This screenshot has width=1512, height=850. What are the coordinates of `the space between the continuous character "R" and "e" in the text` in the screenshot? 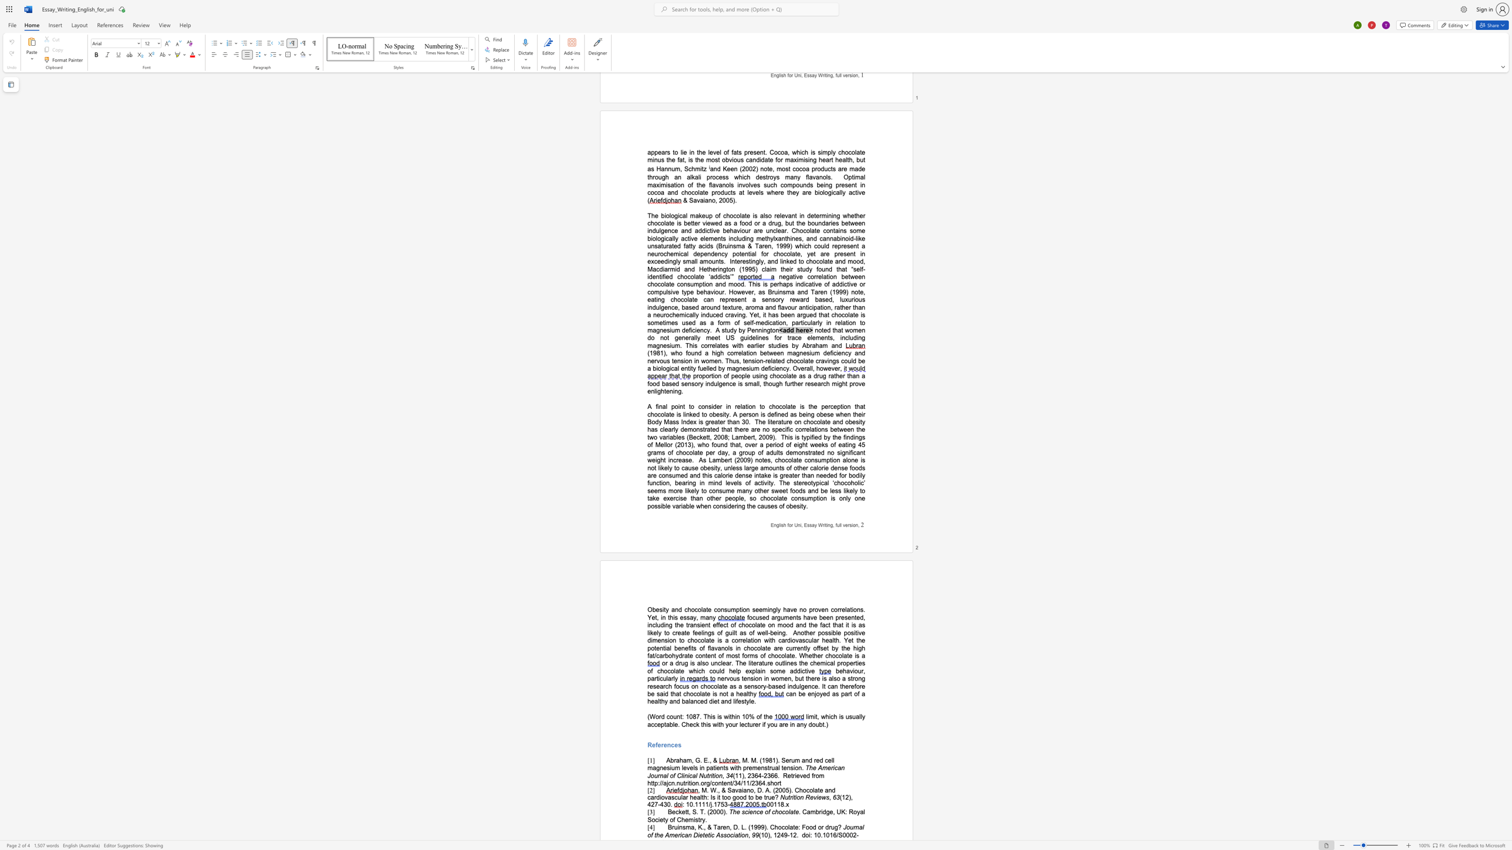 It's located at (652, 744).